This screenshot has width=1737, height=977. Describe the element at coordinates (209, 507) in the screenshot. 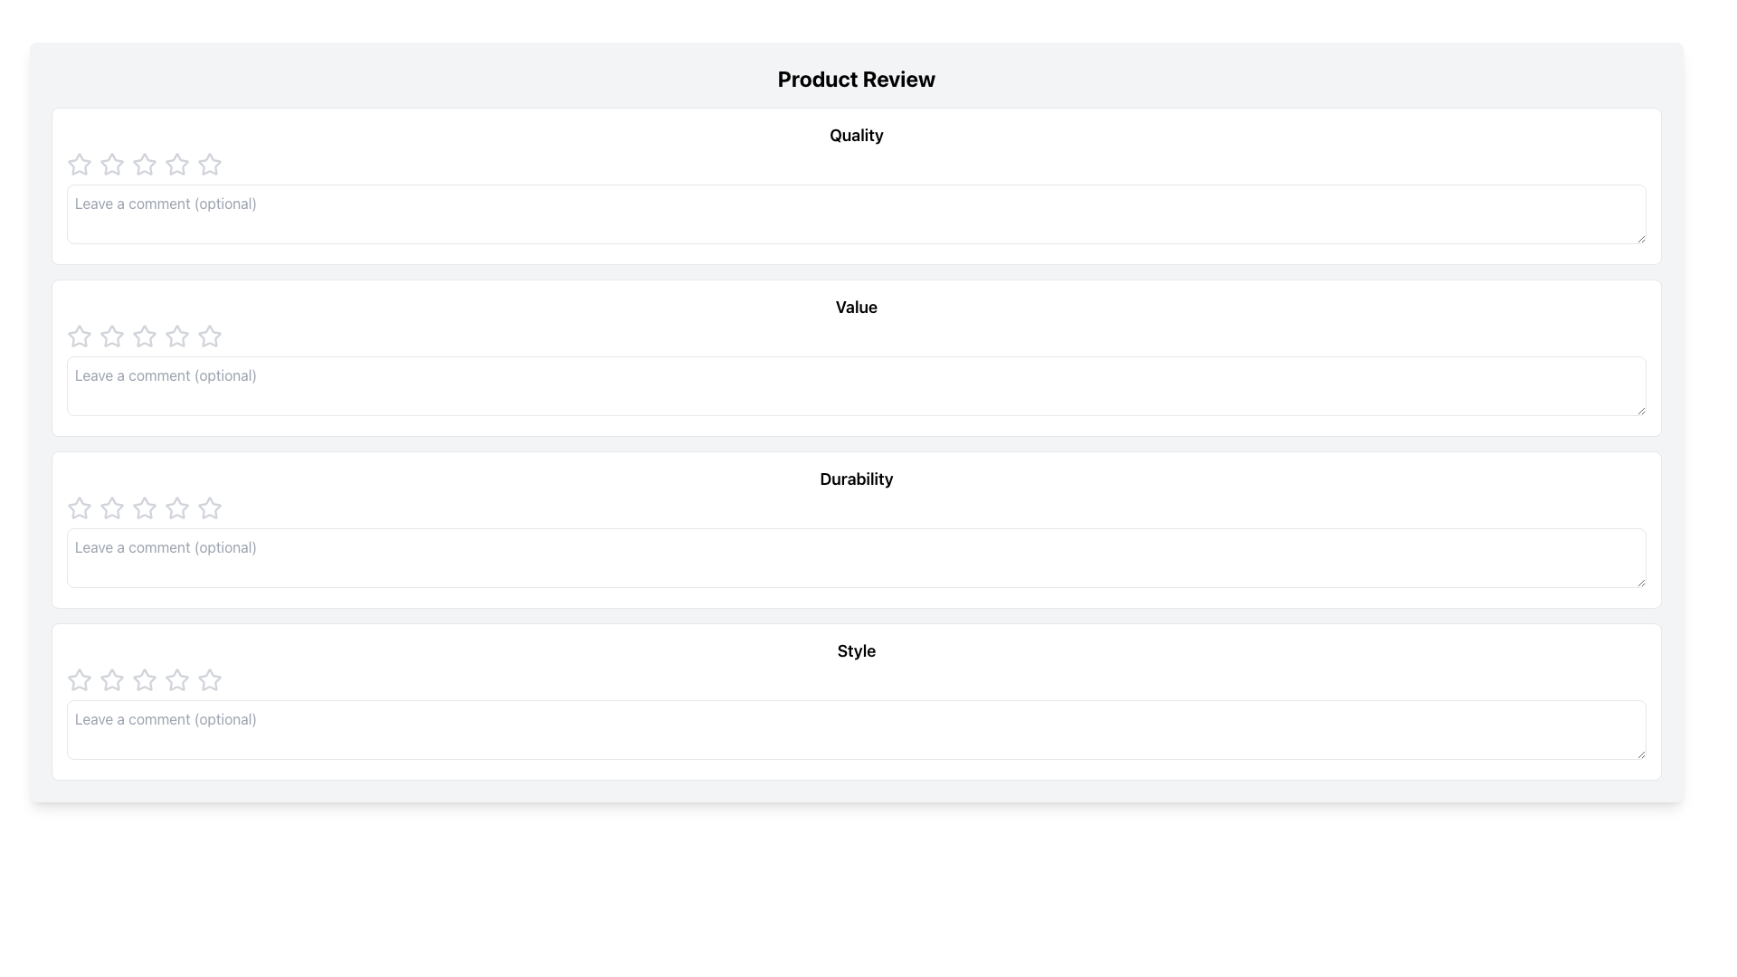

I see `the third star in the rating scale under the 'Durability' category` at that location.